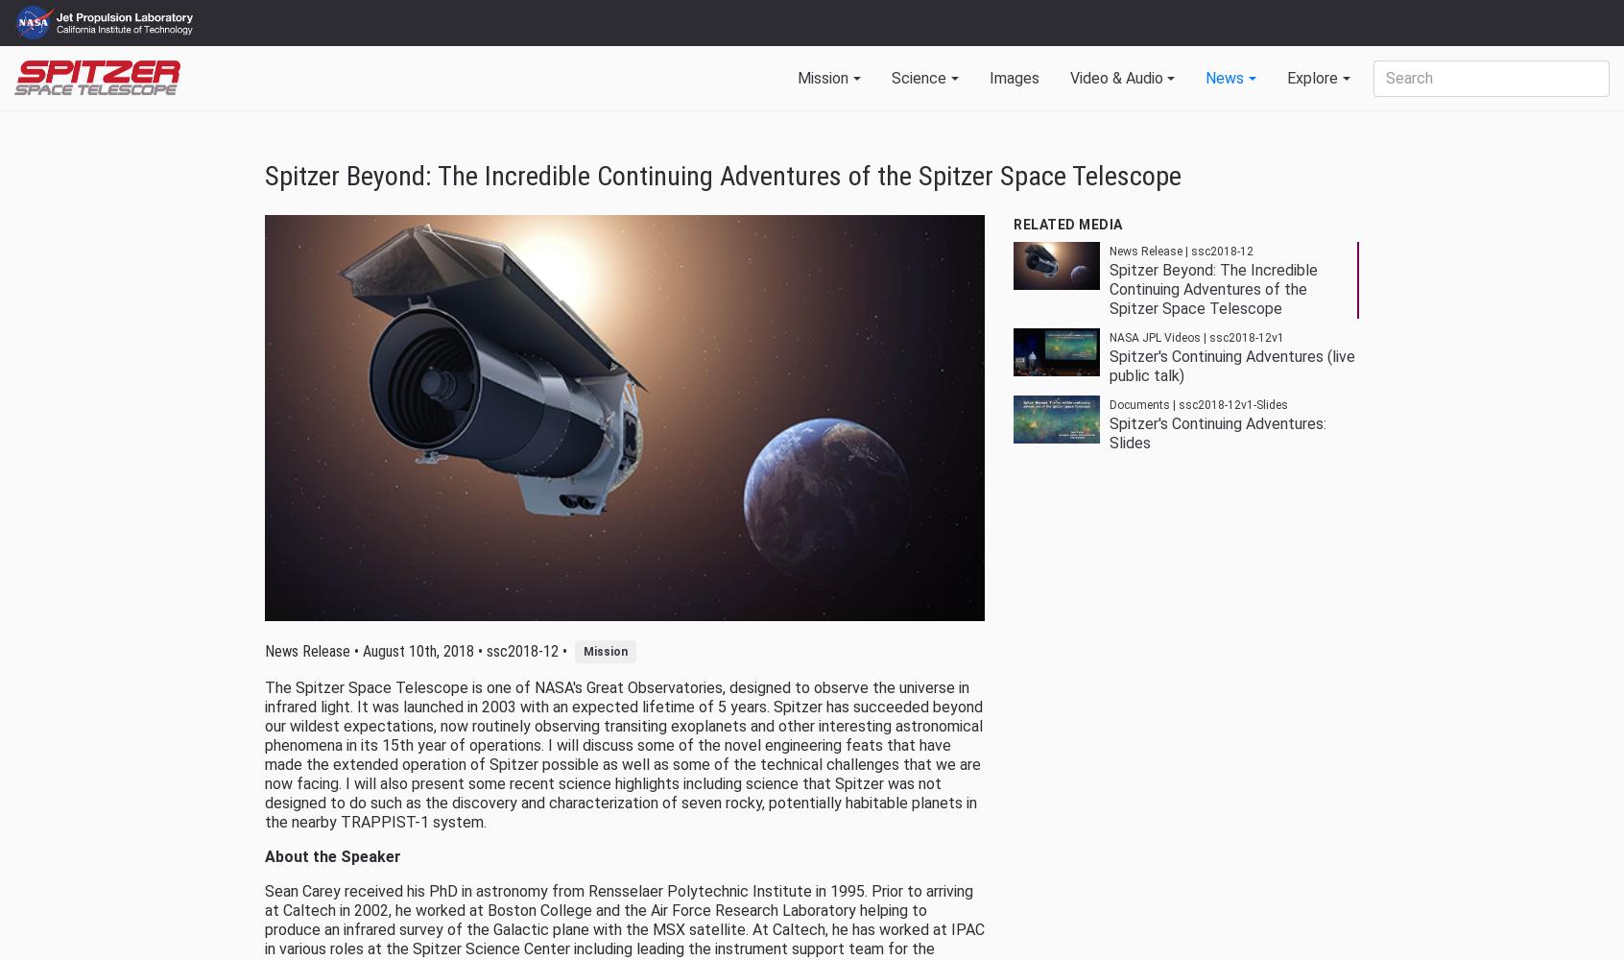 The image size is (1624, 960). What do you see at coordinates (1067, 224) in the screenshot?
I see `'Related Media'` at bounding box center [1067, 224].